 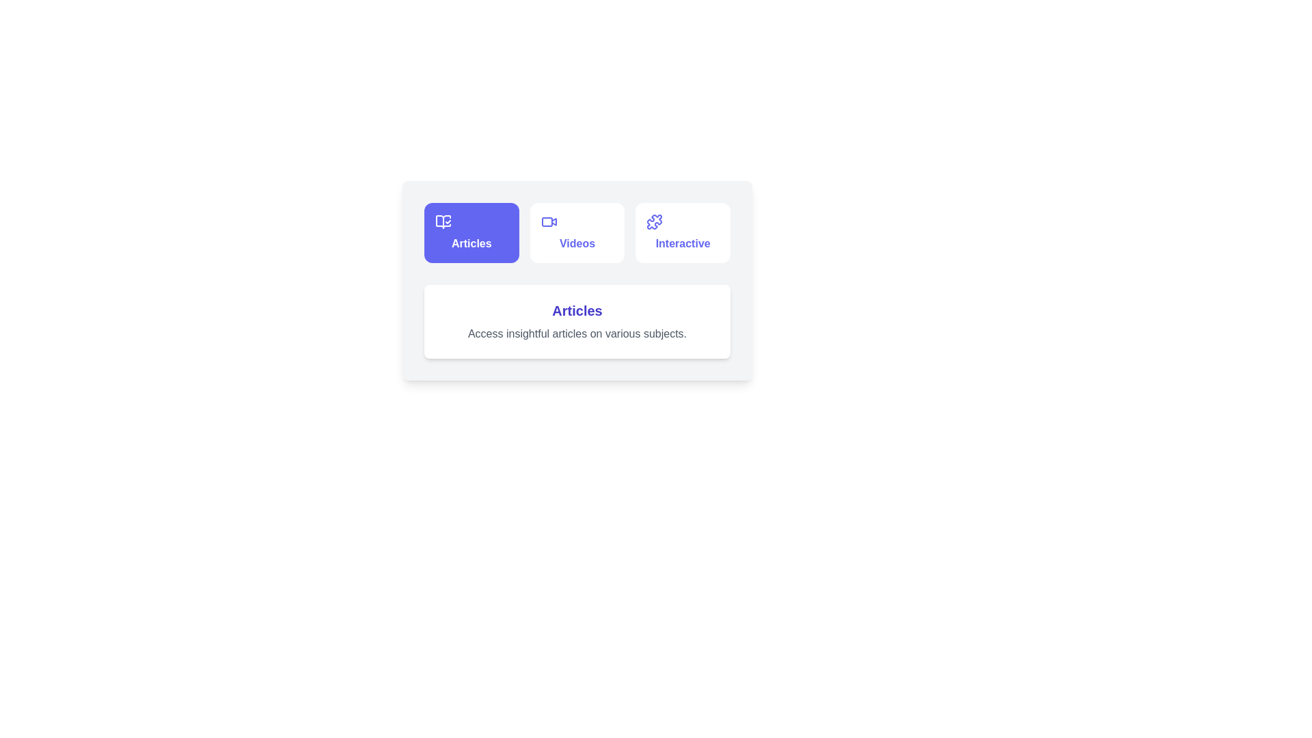 What do you see at coordinates (683, 232) in the screenshot?
I see `the tab button labeled 'Interactive' to observe the hover effect` at bounding box center [683, 232].